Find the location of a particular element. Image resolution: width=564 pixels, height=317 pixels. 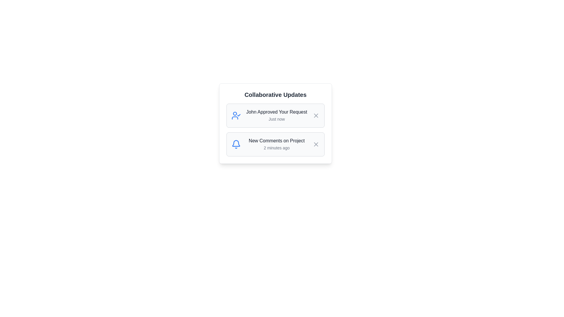

the dismiss icon located at the right end of the 'John Approved Your Request' notification in the 'Collaborative Updates' dialog box is located at coordinates (315, 115).